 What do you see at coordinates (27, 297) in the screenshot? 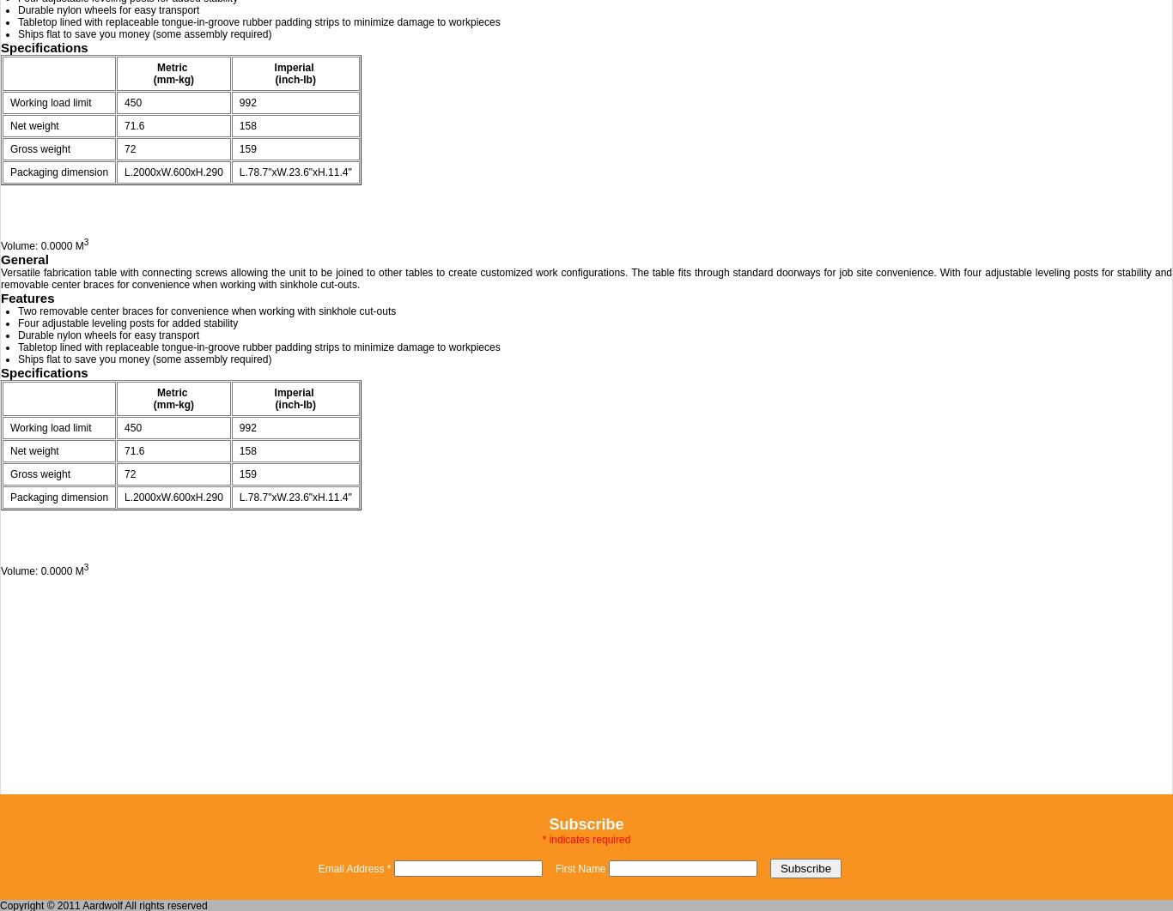
I see `'Features'` at bounding box center [27, 297].